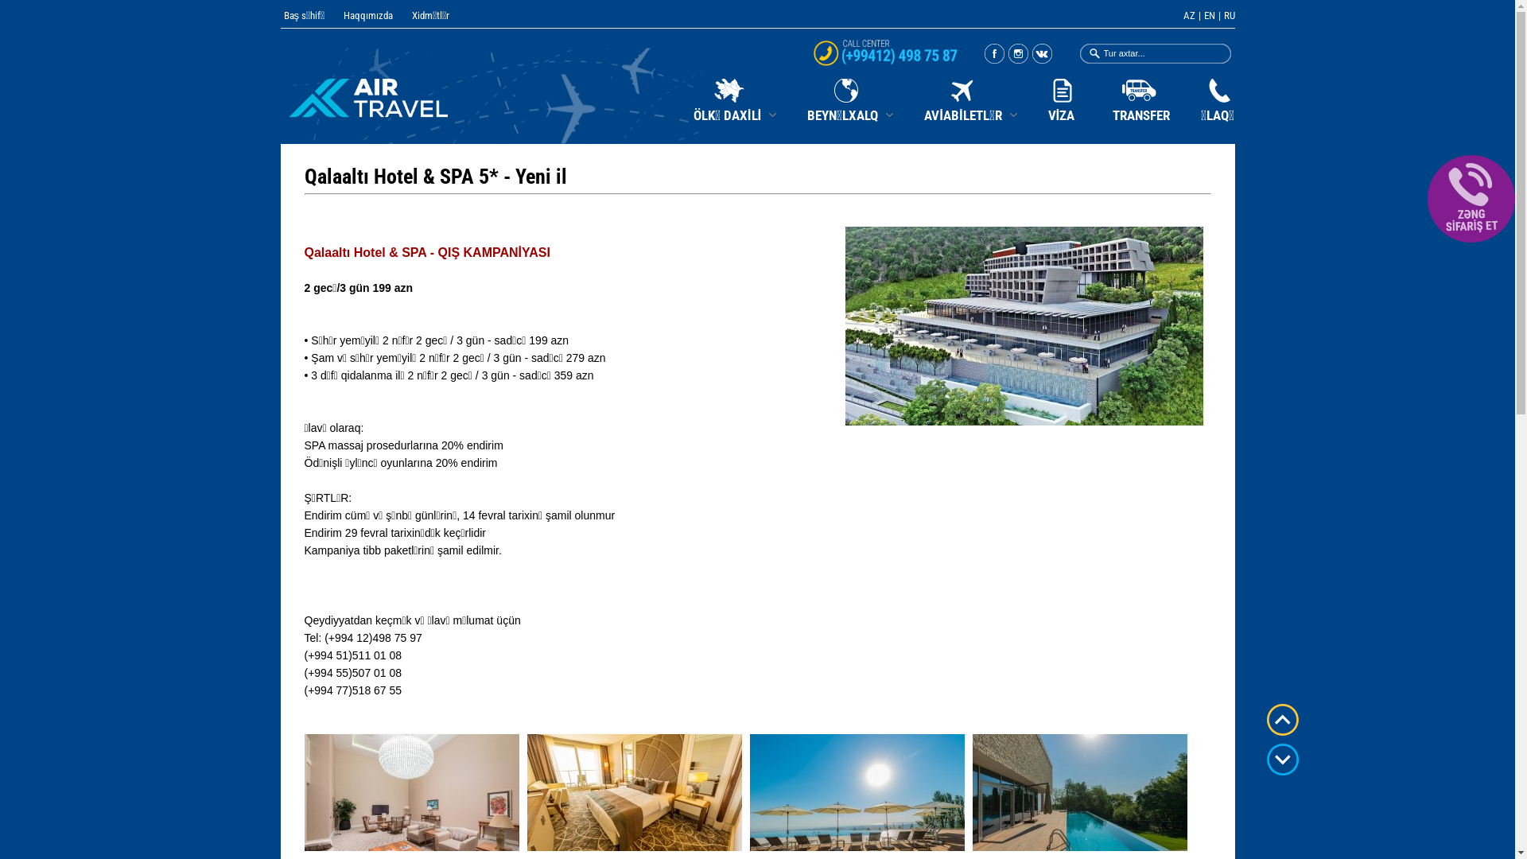 The height and width of the screenshot is (859, 1527). I want to click on 'RU', so click(1228, 15).